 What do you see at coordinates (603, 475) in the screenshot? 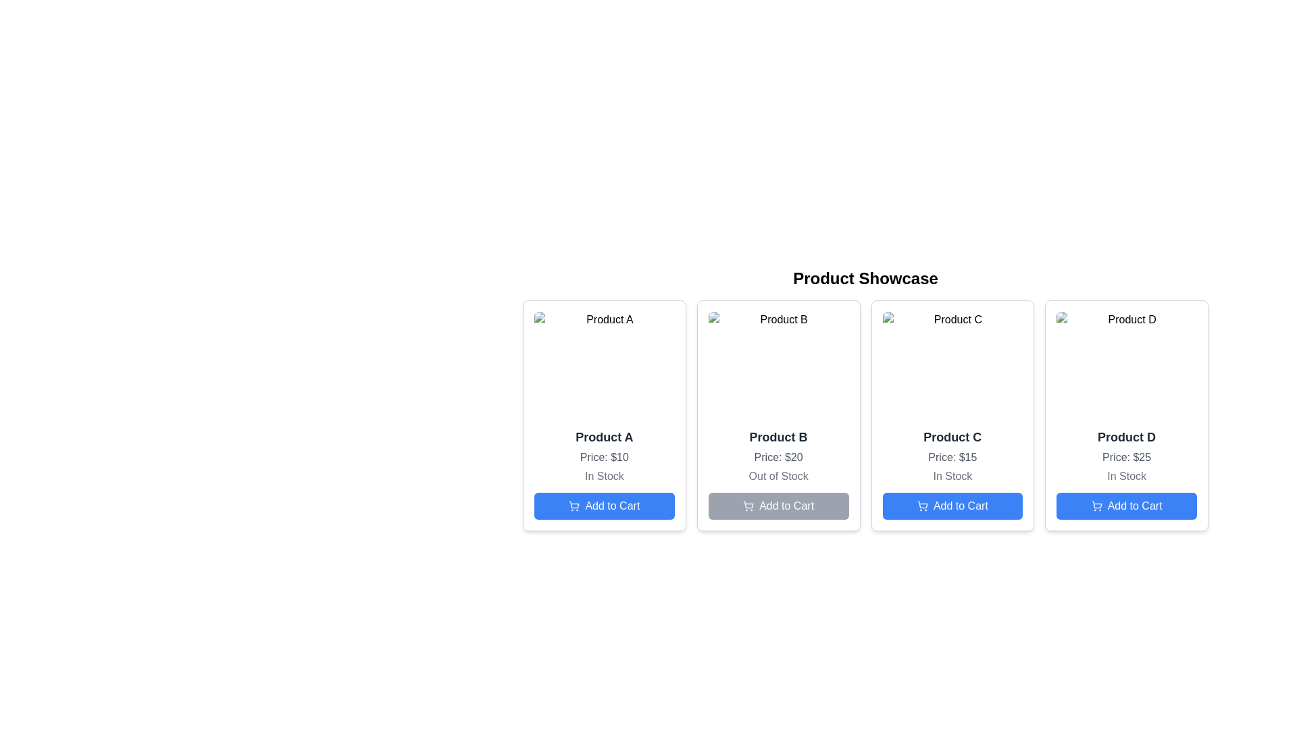
I see `the 'In Stock' static text element, which is displayed in gray font below the price information and above the 'Add to Cart' button in the first product card` at bounding box center [603, 475].